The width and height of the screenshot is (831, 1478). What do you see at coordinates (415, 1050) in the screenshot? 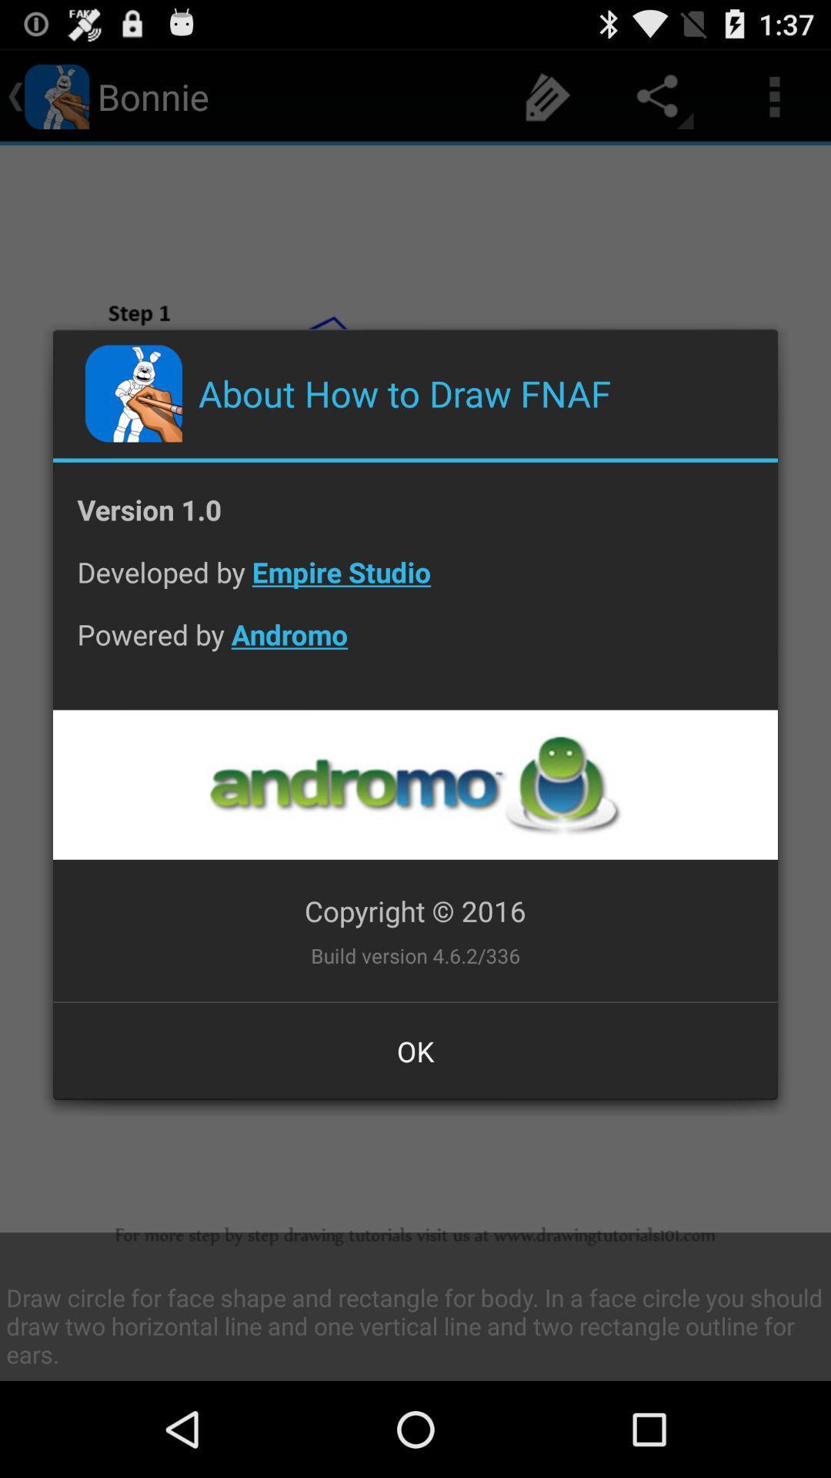
I see `button at the bottom` at bounding box center [415, 1050].